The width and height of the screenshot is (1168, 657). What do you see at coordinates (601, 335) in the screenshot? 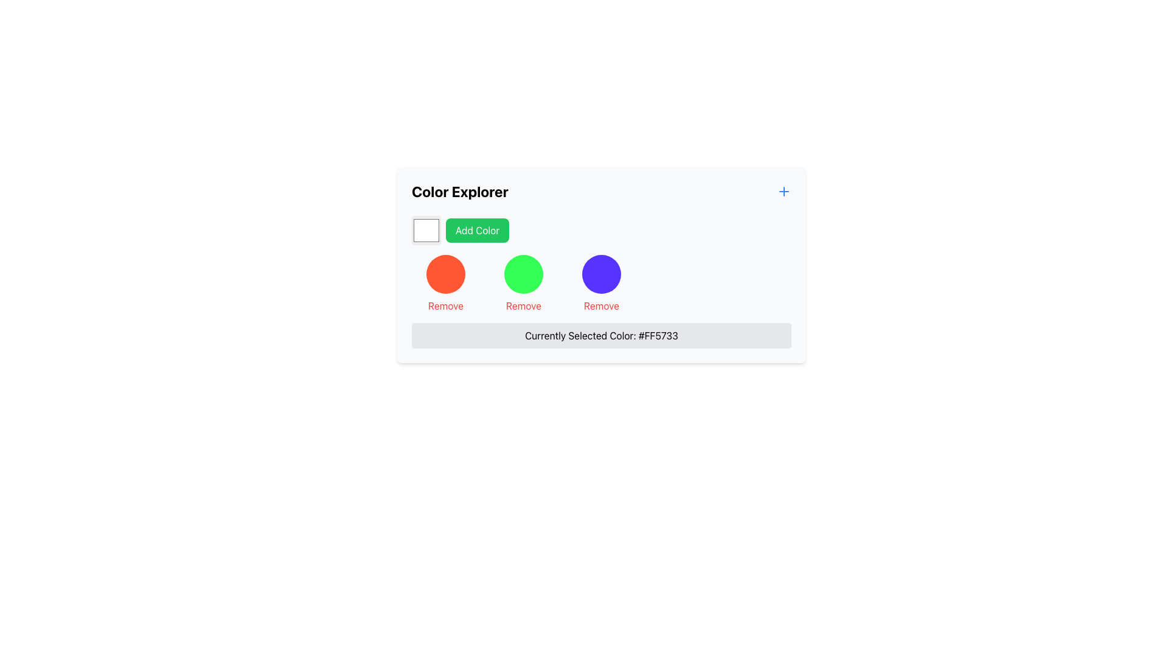
I see `the text display box that shows 'Currently Selected Color: #FF5733' with a light gray background, located below the third row of 'Remove' buttons` at bounding box center [601, 335].